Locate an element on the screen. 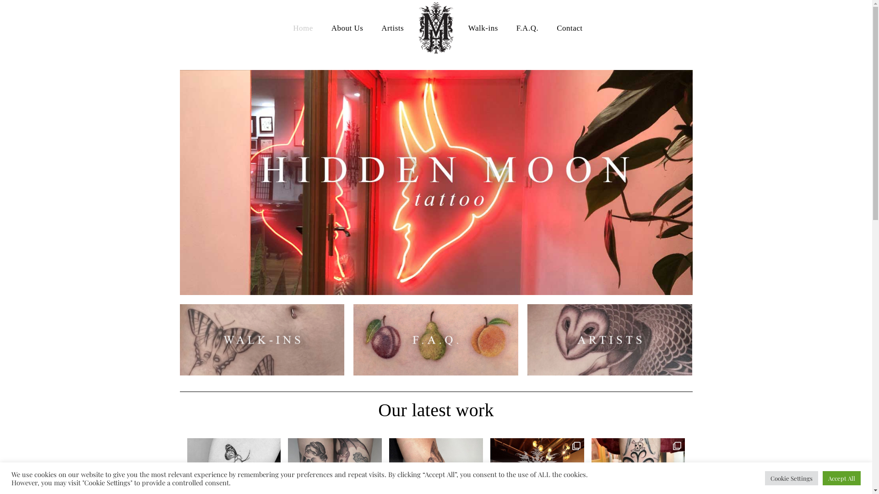  'Accept All' is located at coordinates (822, 478).